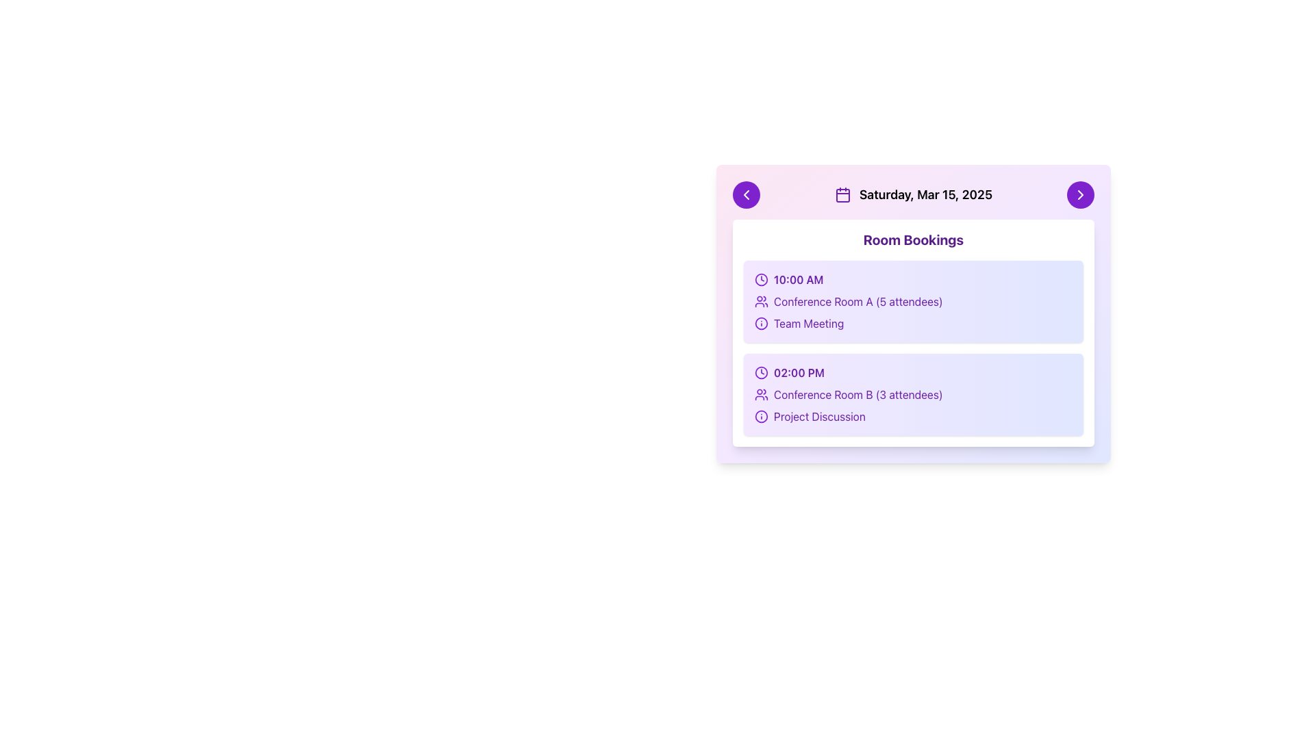  What do you see at coordinates (1080, 195) in the screenshot?
I see `the chevron icon located inside the circular purple button at the top-right corner of the 'Room Bookings' panel` at bounding box center [1080, 195].